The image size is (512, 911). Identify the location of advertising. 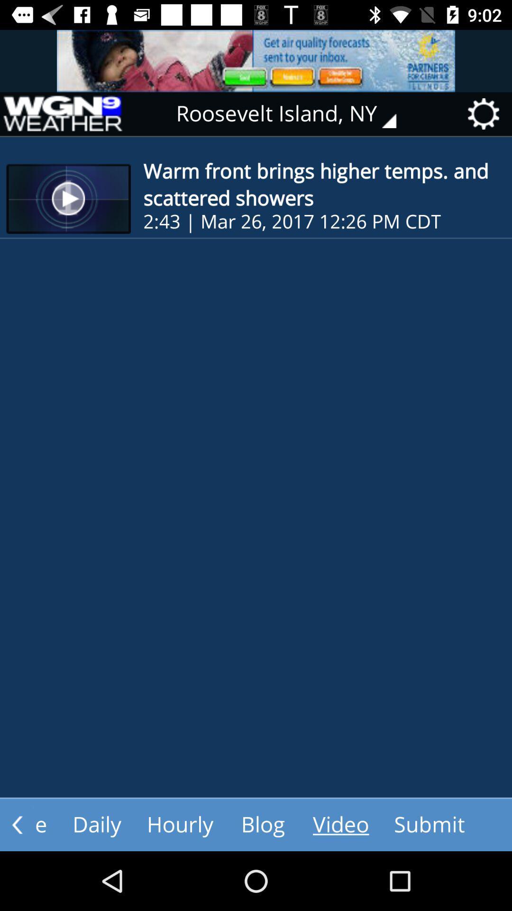
(256, 60).